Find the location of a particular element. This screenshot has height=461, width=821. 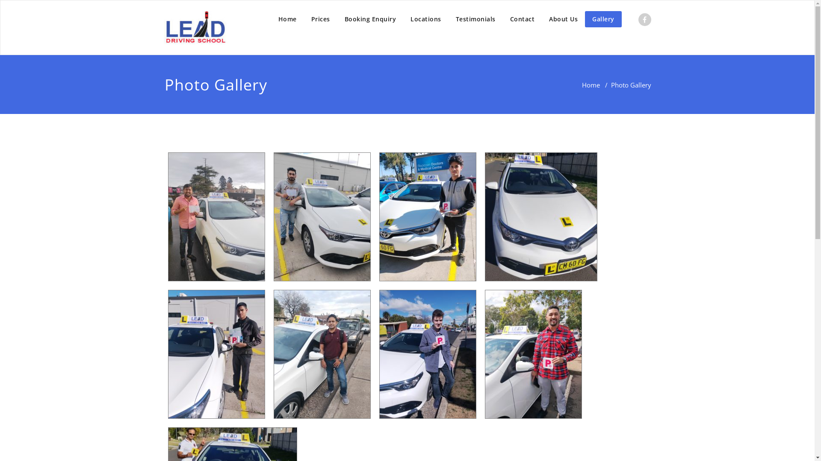

'About Us' is located at coordinates (563, 19).